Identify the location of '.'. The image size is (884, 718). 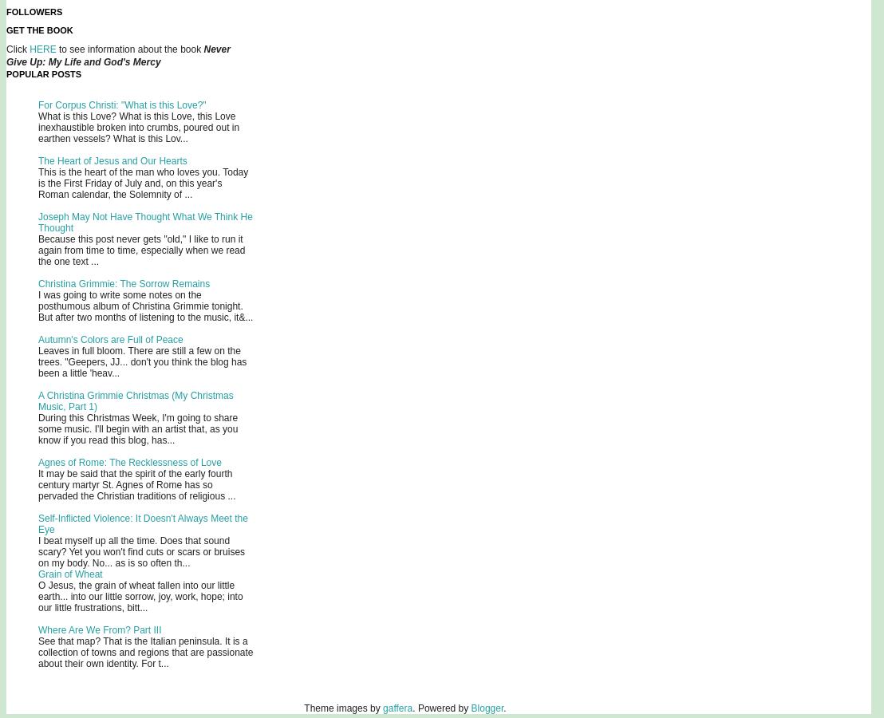
(503, 708).